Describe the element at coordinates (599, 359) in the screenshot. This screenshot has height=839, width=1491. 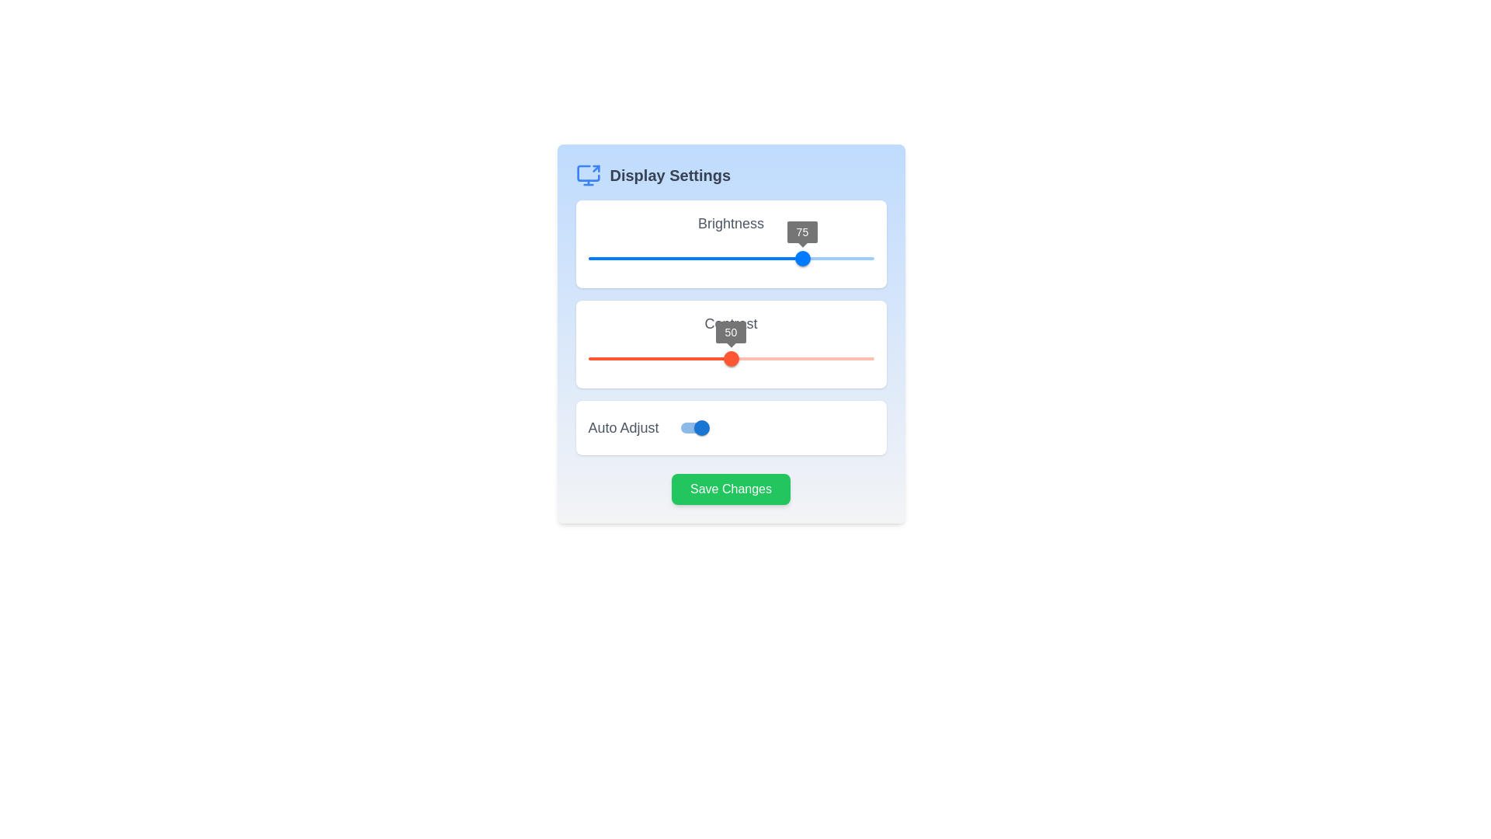
I see `contrast slider` at that location.